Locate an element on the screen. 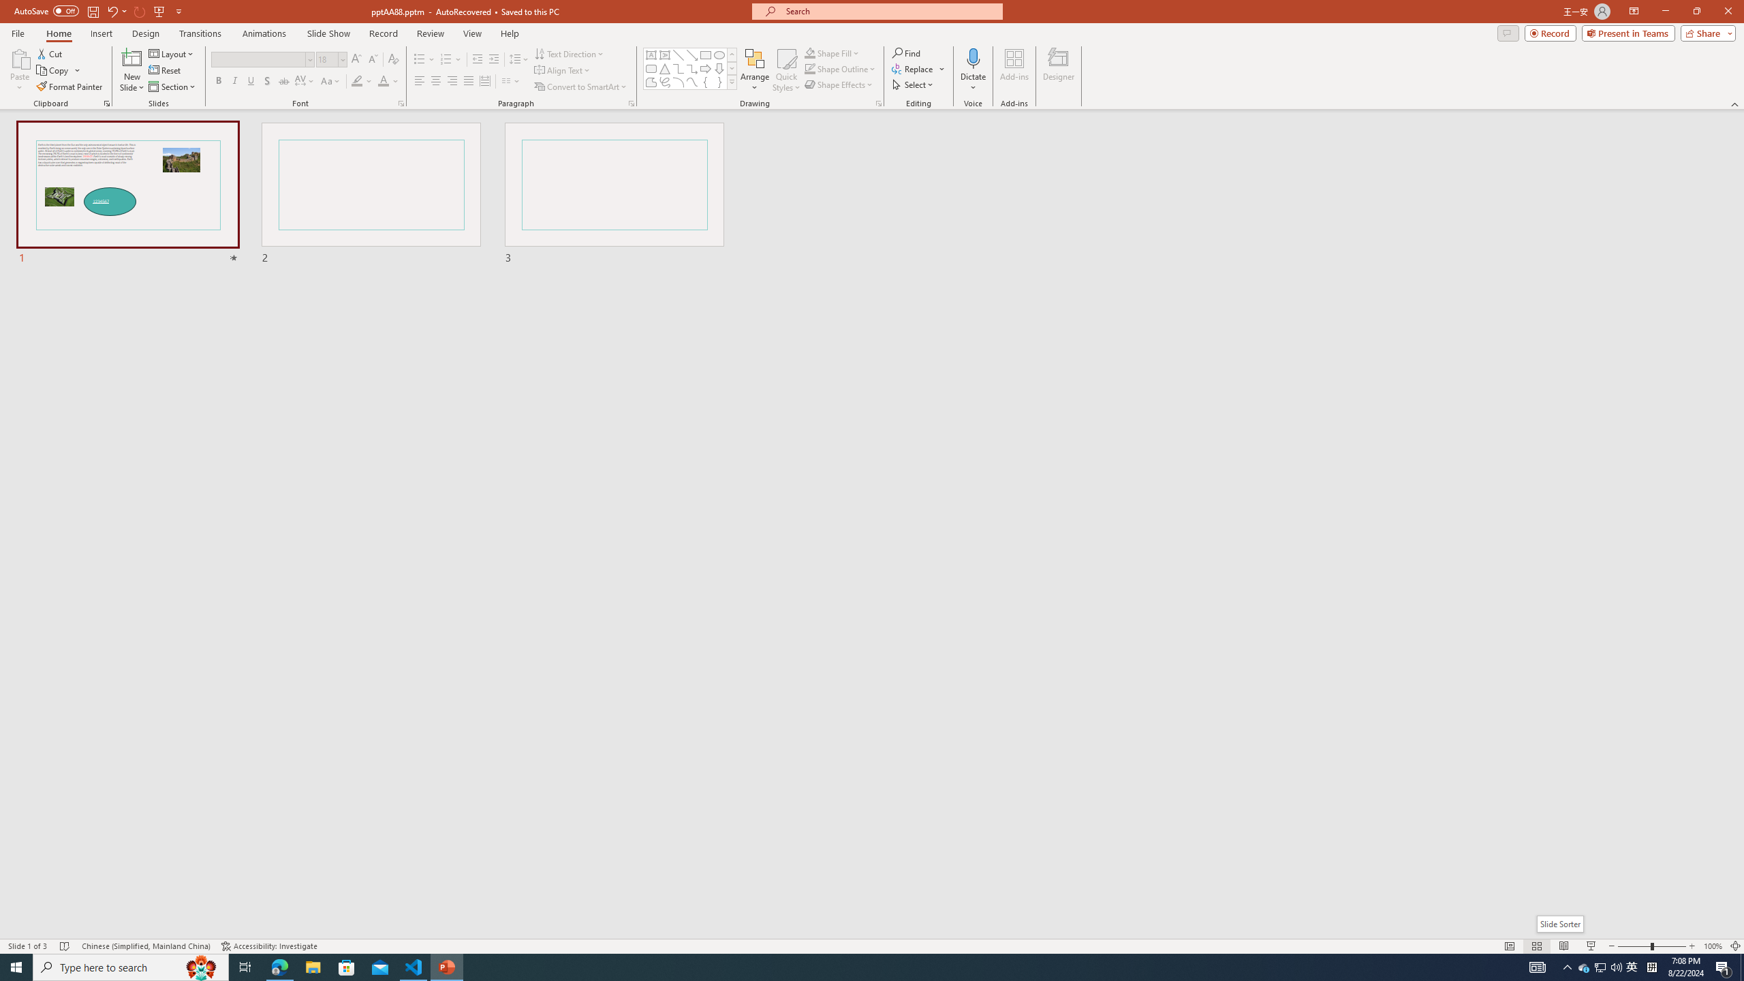 The image size is (1744, 981). 'Zoom Out' is located at coordinates (1633, 946).